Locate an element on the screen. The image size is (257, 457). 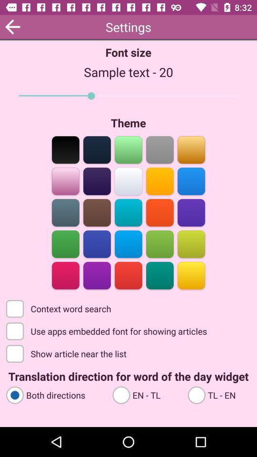
colour of the theme is located at coordinates (191, 149).